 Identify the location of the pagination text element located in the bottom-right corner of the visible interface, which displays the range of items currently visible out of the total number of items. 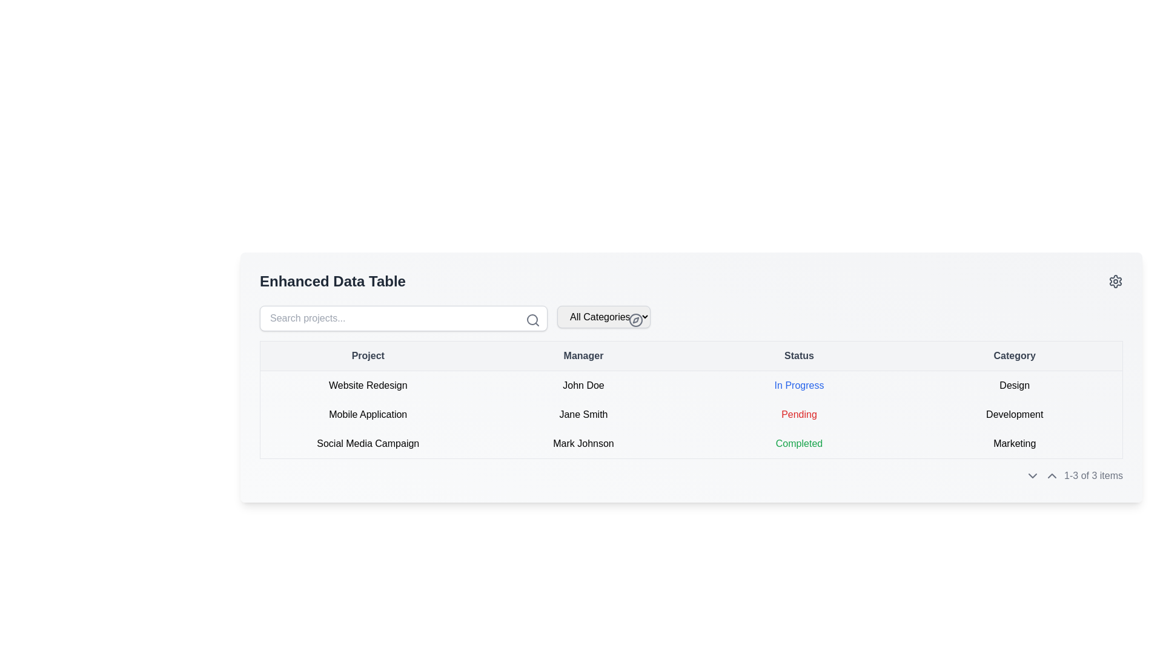
(1093, 475).